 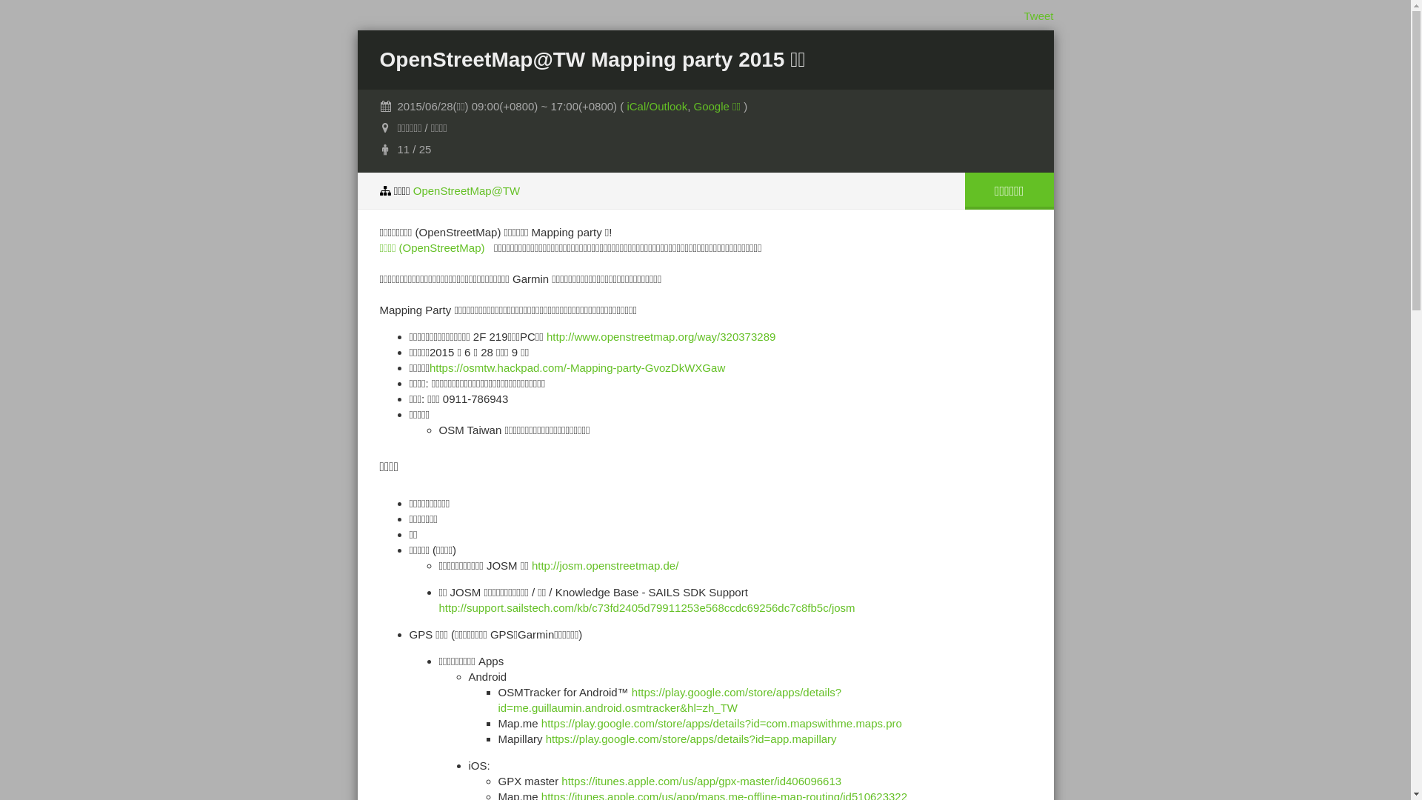 What do you see at coordinates (690, 739) in the screenshot?
I see `'https://play.google.com/store/apps/details?id=app.mapillary'` at bounding box center [690, 739].